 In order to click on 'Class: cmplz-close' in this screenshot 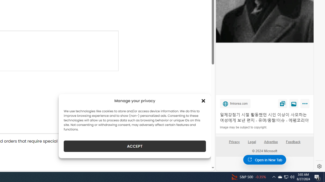, I will do `click(203, 101)`.